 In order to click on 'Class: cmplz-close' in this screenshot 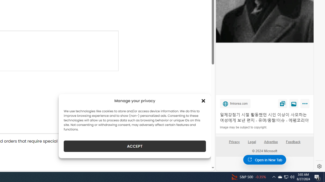, I will do `click(203, 101)`.